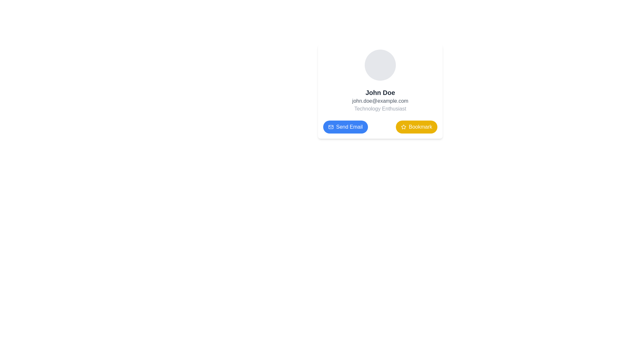 Image resolution: width=623 pixels, height=350 pixels. I want to click on the static text element displaying the email address associated with the profile information, located directly below 'John Doe' and above 'Technology Enthusiast', so click(380, 101).